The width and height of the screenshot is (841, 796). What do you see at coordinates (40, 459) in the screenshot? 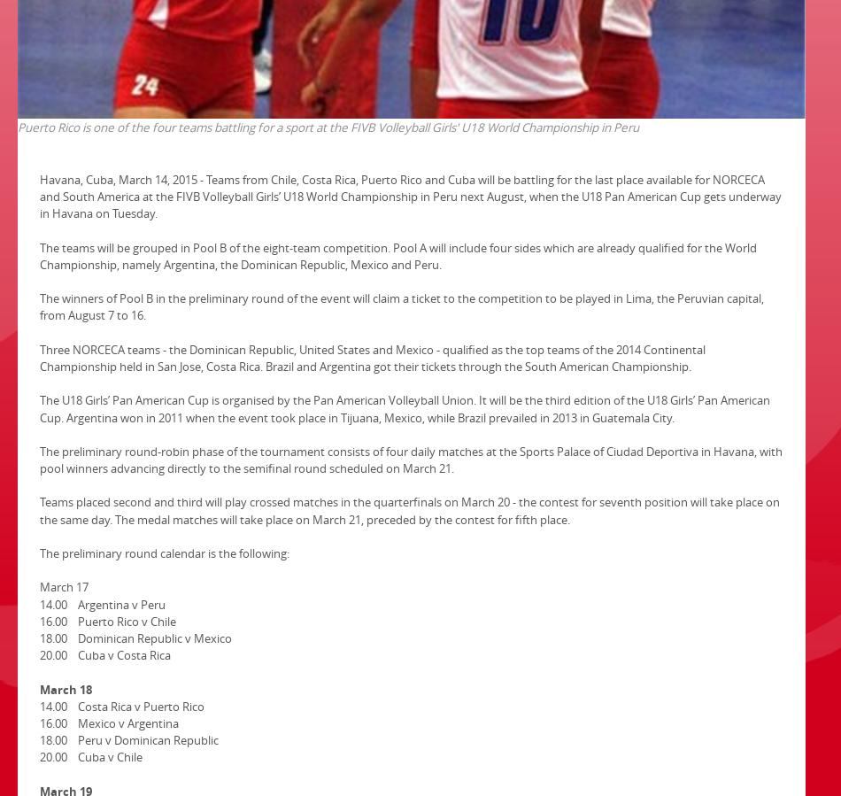
I see `'The preliminary round-robin phase of the tournament consists of four daily matches at the Sports Palace of Ciudad Deportiva in Havana, with pool winners advancing directly to the semifinal round scheduled on March 21.'` at bounding box center [40, 459].